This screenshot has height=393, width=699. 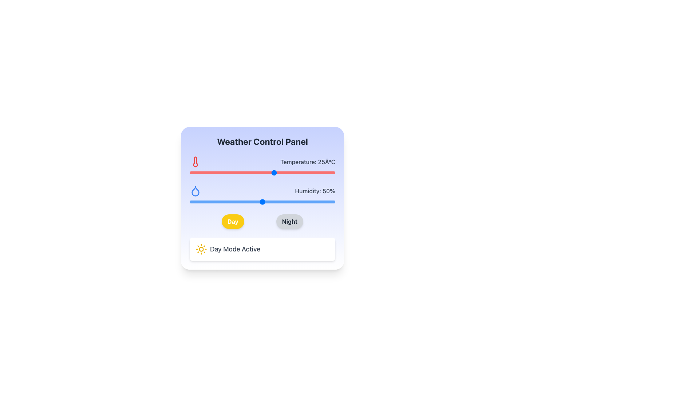 I want to click on the droplet-shaped icon with a blue outline located in the weather control panel, positioned between the 'Temperature: 25°C' segment above and 'Day' and 'Night' buttons below, so click(x=196, y=190).